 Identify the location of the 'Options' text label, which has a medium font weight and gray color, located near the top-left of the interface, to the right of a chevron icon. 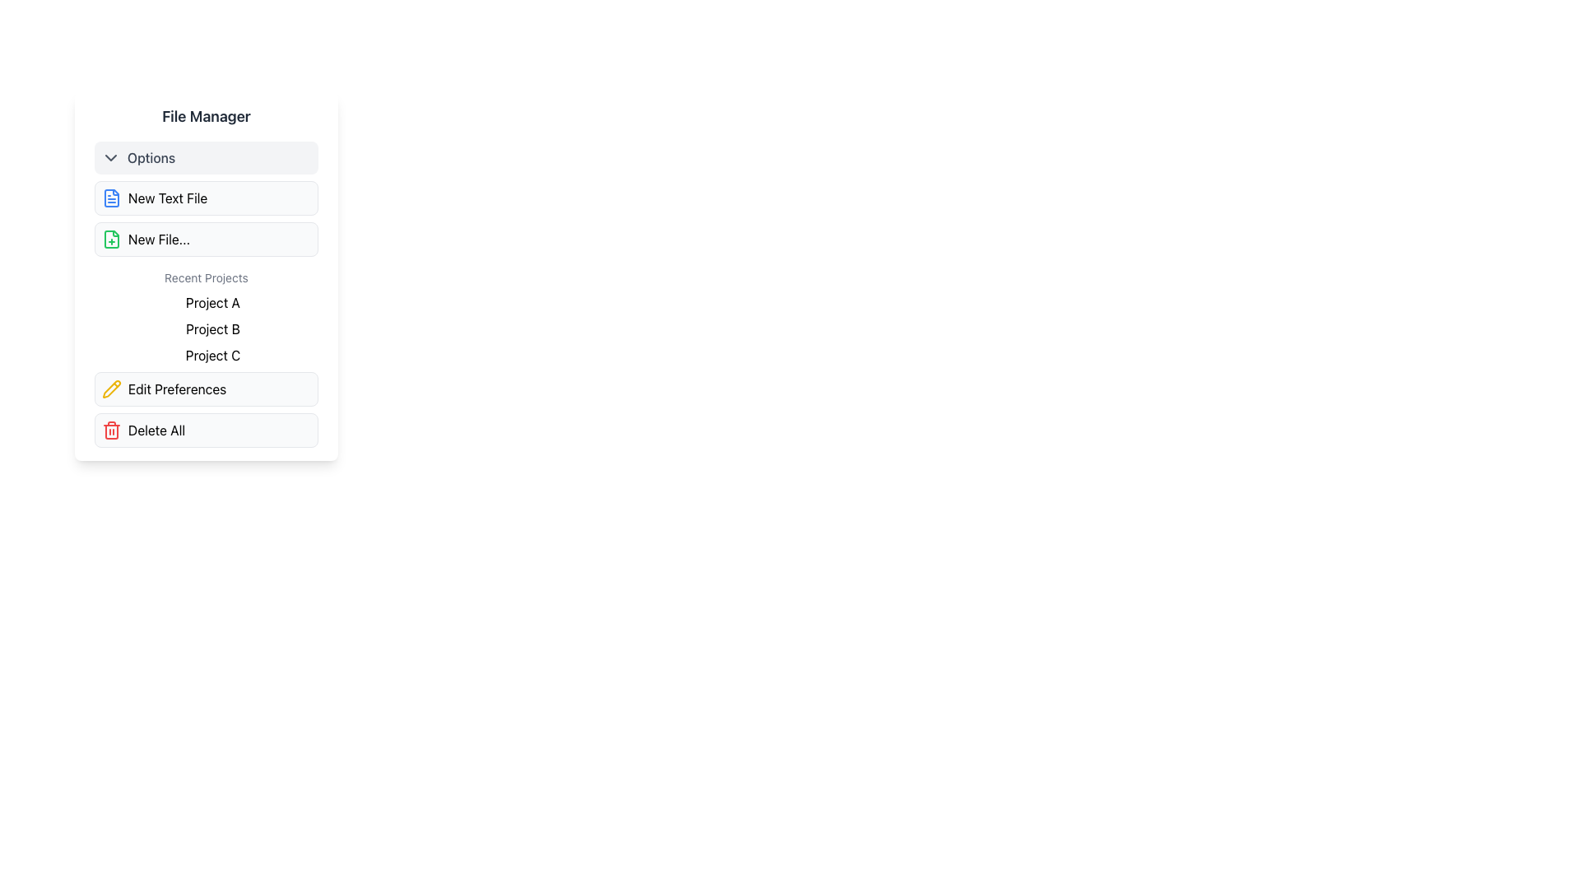
(151, 158).